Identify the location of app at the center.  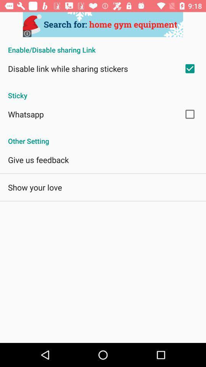
(103, 137).